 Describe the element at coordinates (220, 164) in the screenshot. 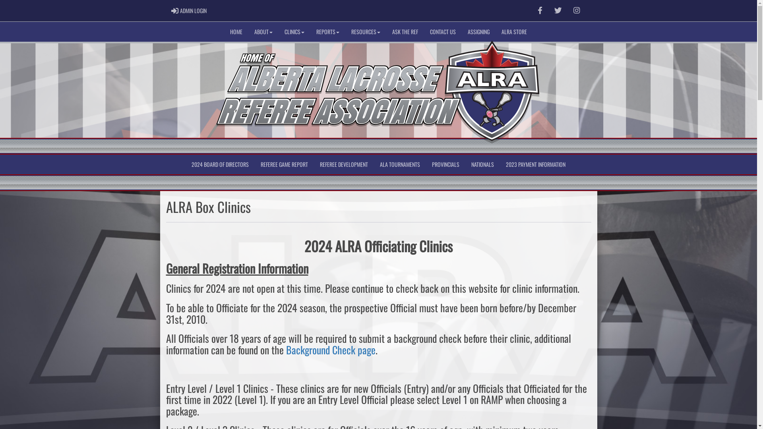

I see `'2024 BOARD OF DIRECTORS'` at that location.